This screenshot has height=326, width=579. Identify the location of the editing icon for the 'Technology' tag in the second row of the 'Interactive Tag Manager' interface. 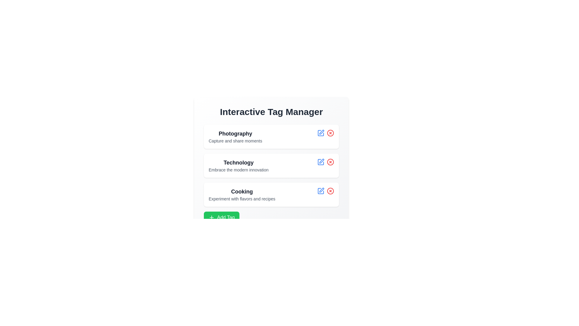
(321, 132).